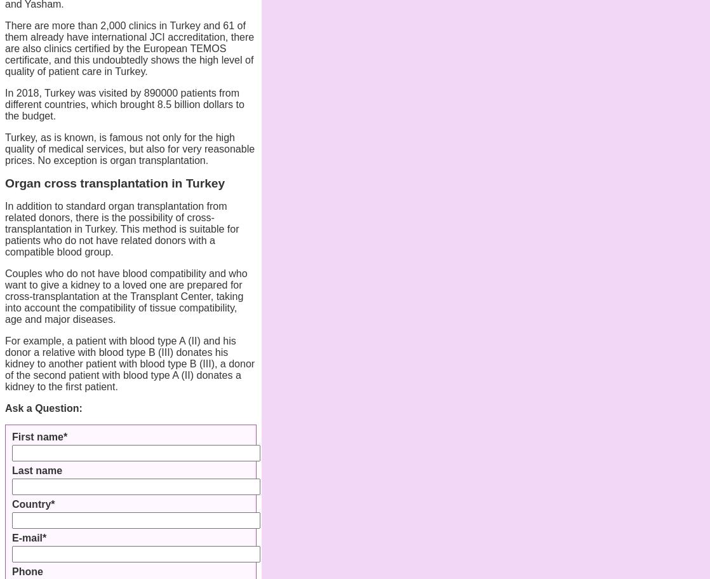  I want to click on 'There are more than 2,000 clinics in Turkey and 61 of them already have international JCI accreditation, there are also clinics certified by the European TEMOS certificate, and this undoubtedly shows the high level of quality of patient care in Turkey.', so click(130, 48).